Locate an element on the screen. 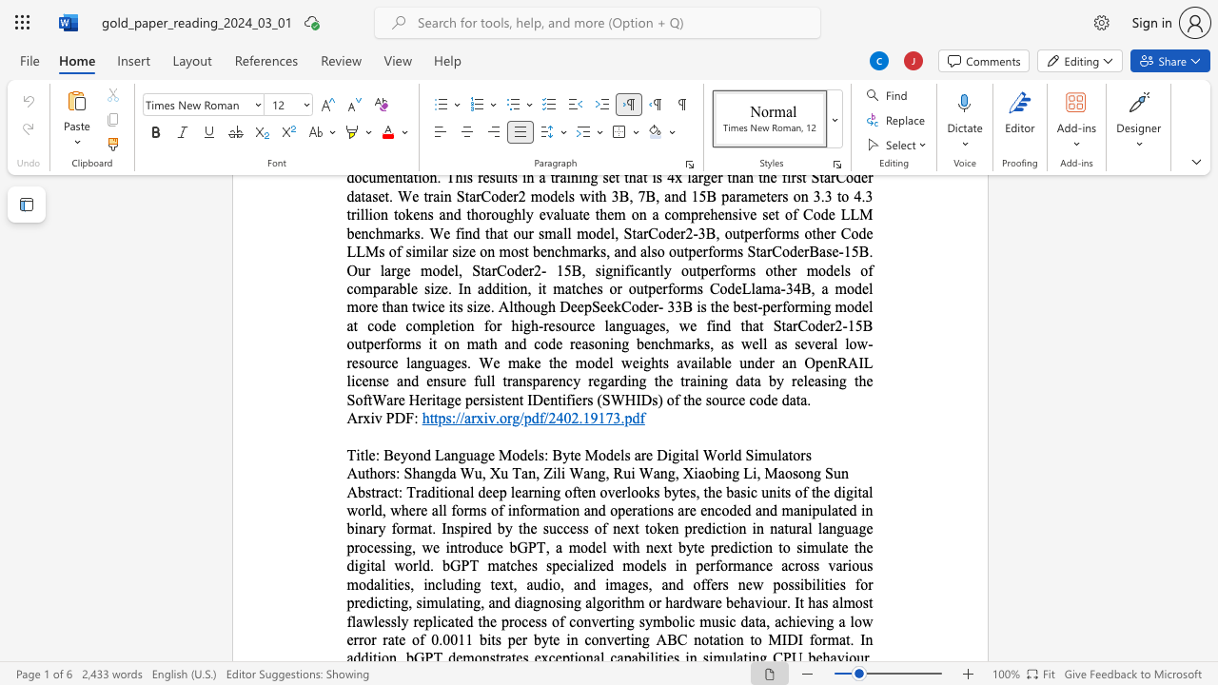  the 1th character "." in the text is located at coordinates (498, 417).